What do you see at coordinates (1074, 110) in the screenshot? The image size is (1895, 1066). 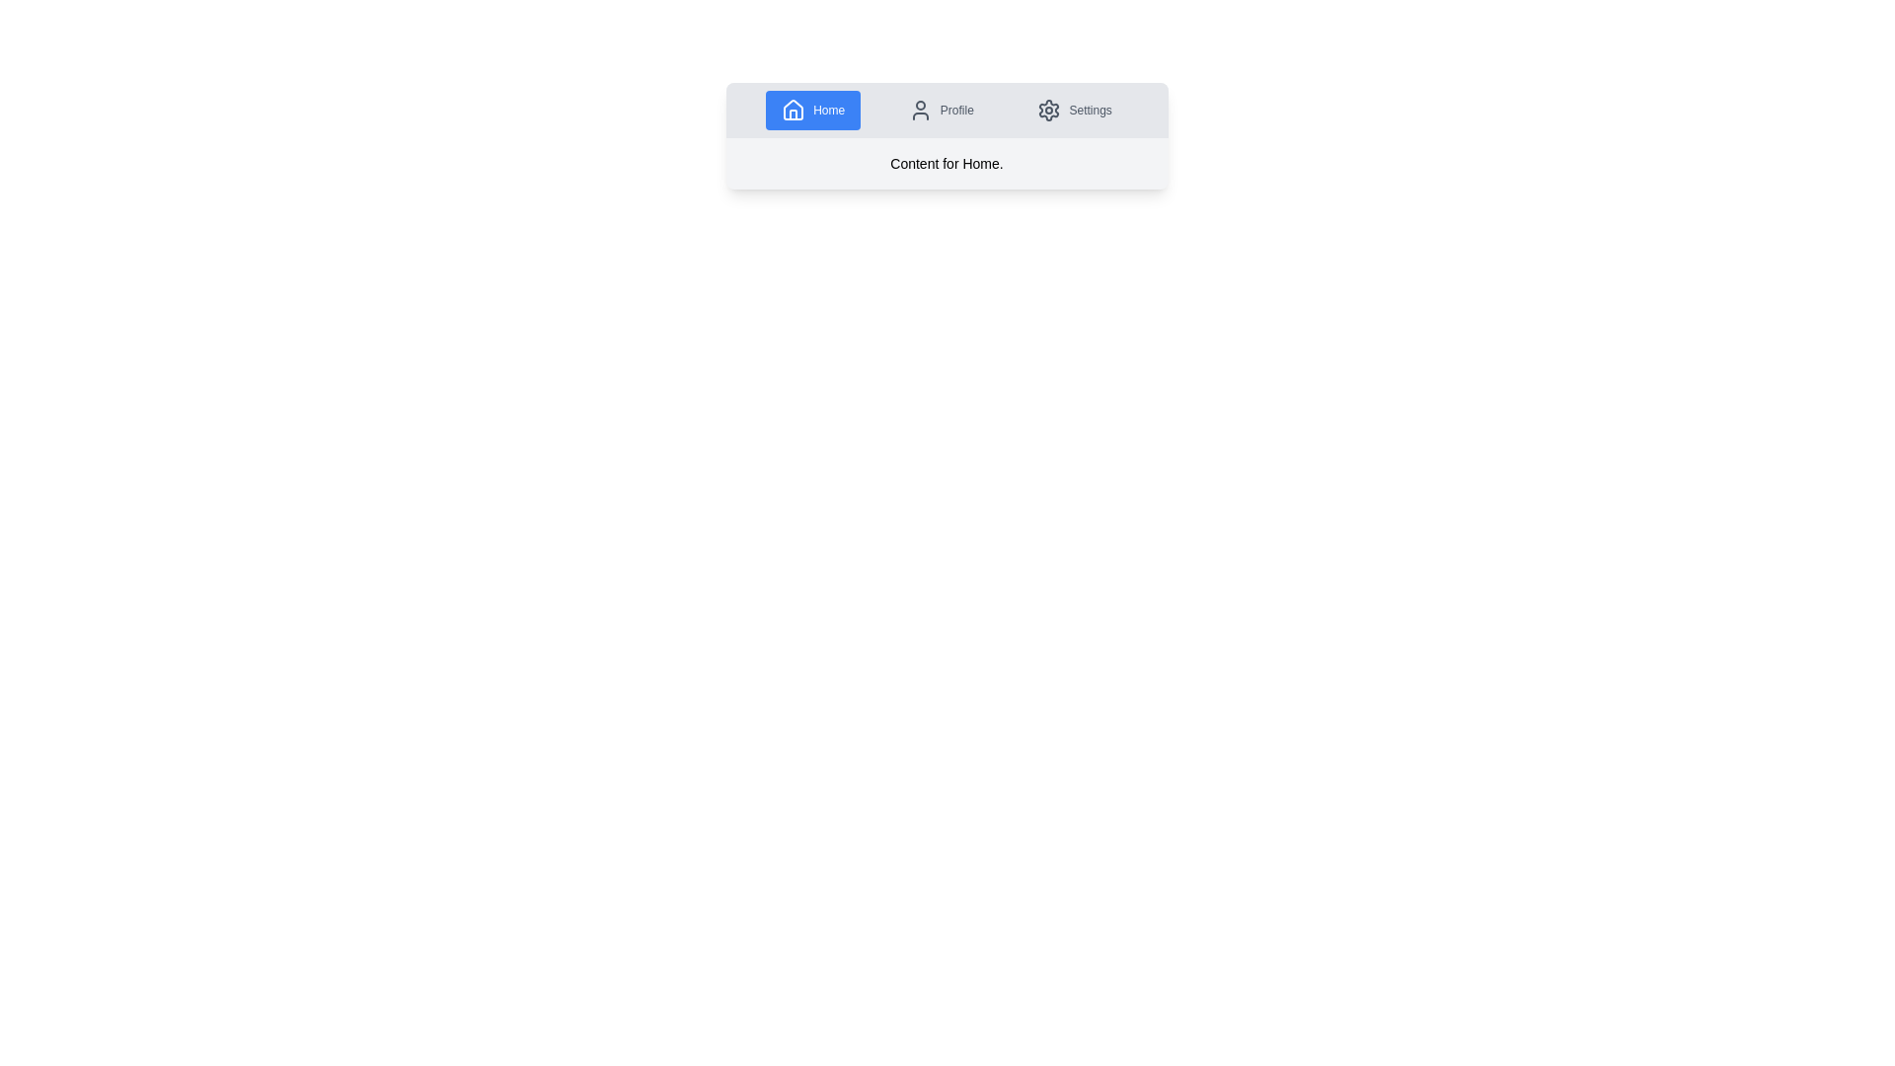 I see `the Settings tab by clicking on its navigation button` at bounding box center [1074, 110].